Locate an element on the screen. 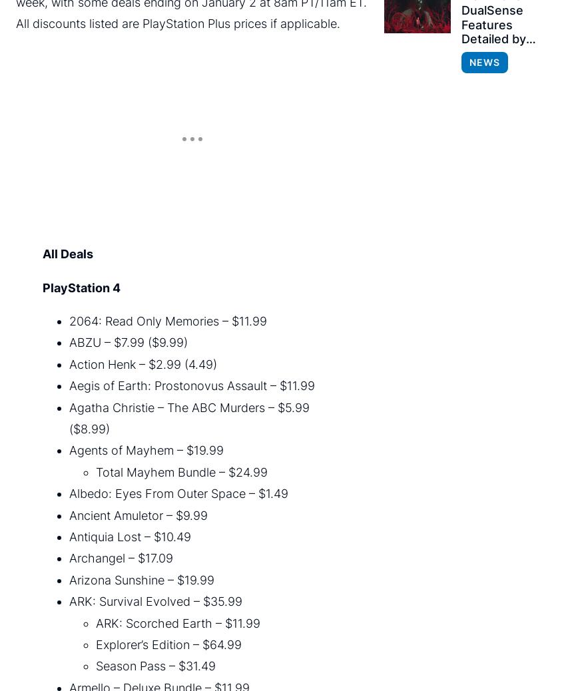  'Tyler Treese' is located at coordinates (170, 652).